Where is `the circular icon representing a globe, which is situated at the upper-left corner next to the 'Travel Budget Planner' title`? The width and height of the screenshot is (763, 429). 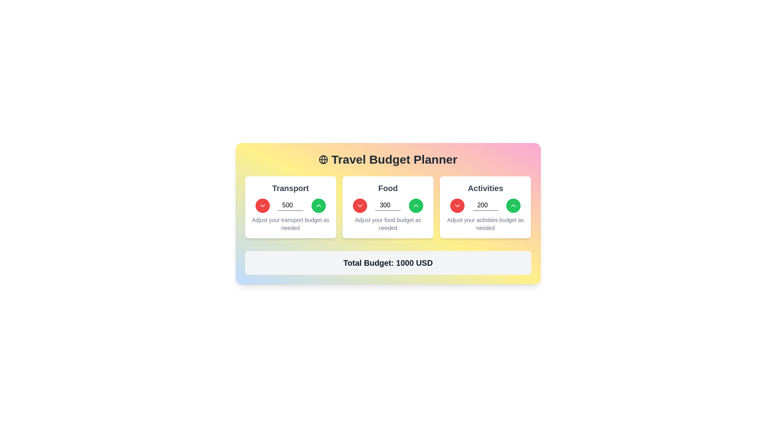 the circular icon representing a globe, which is situated at the upper-left corner next to the 'Travel Budget Planner' title is located at coordinates (323, 159).